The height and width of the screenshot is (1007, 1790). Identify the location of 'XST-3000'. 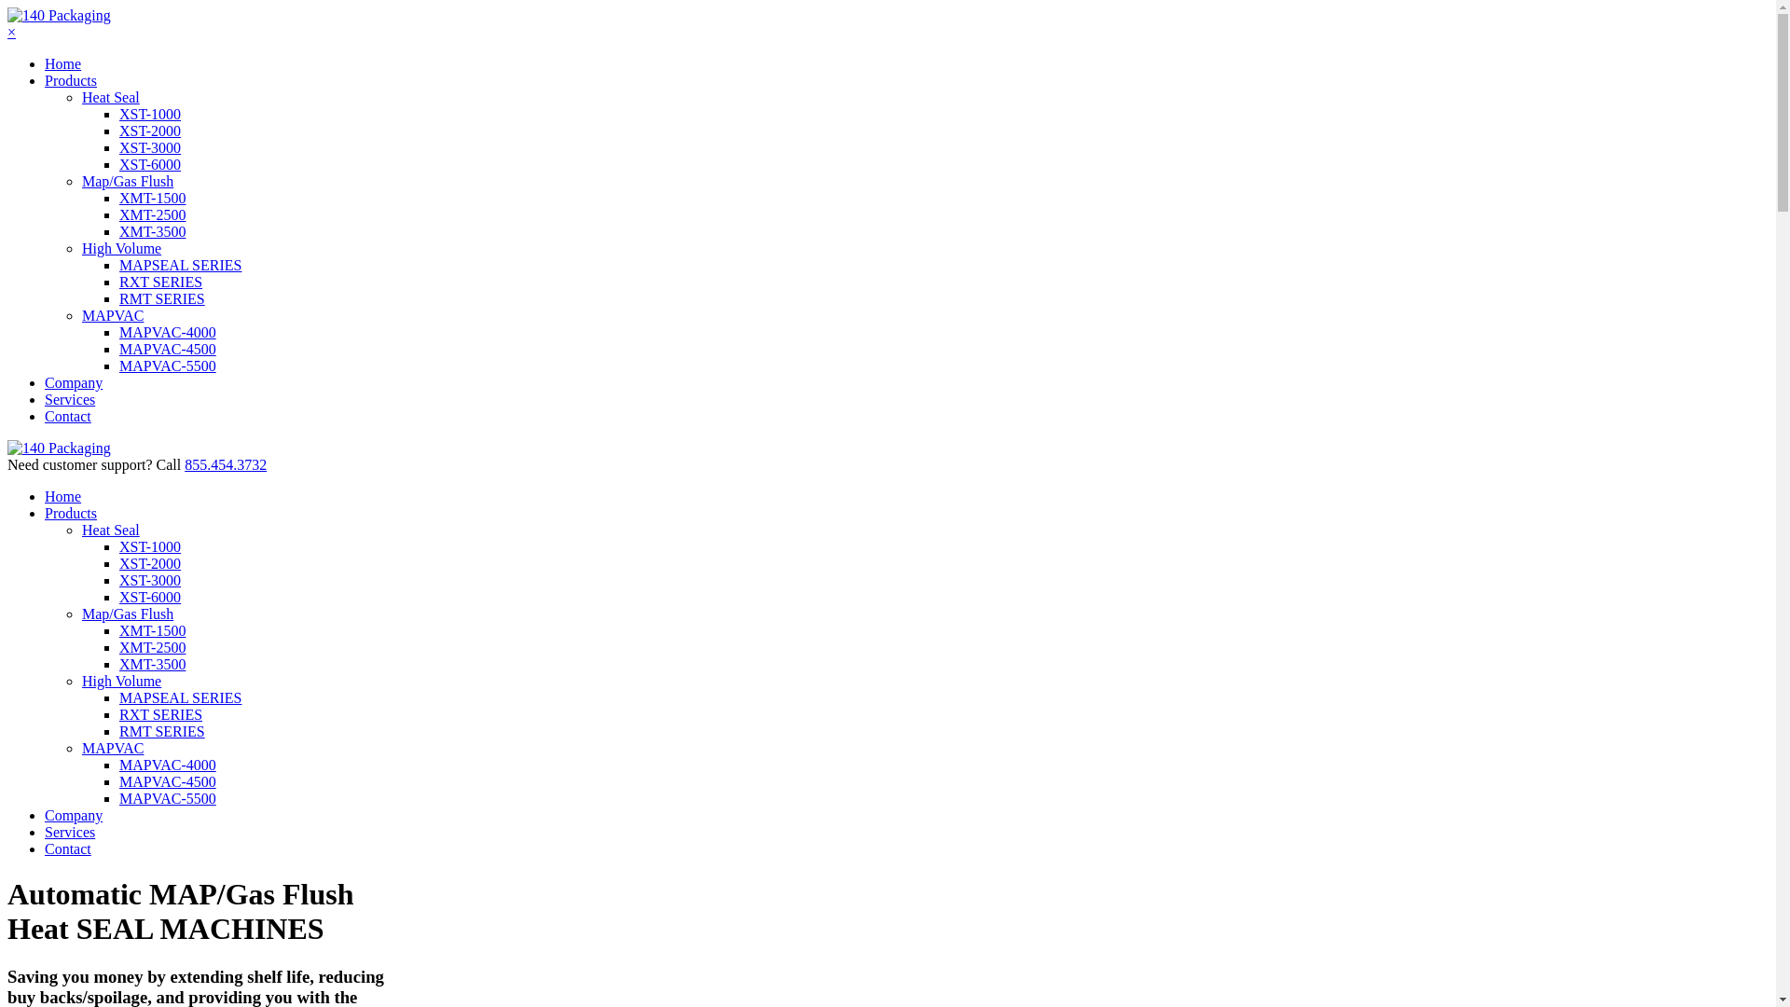
(150, 579).